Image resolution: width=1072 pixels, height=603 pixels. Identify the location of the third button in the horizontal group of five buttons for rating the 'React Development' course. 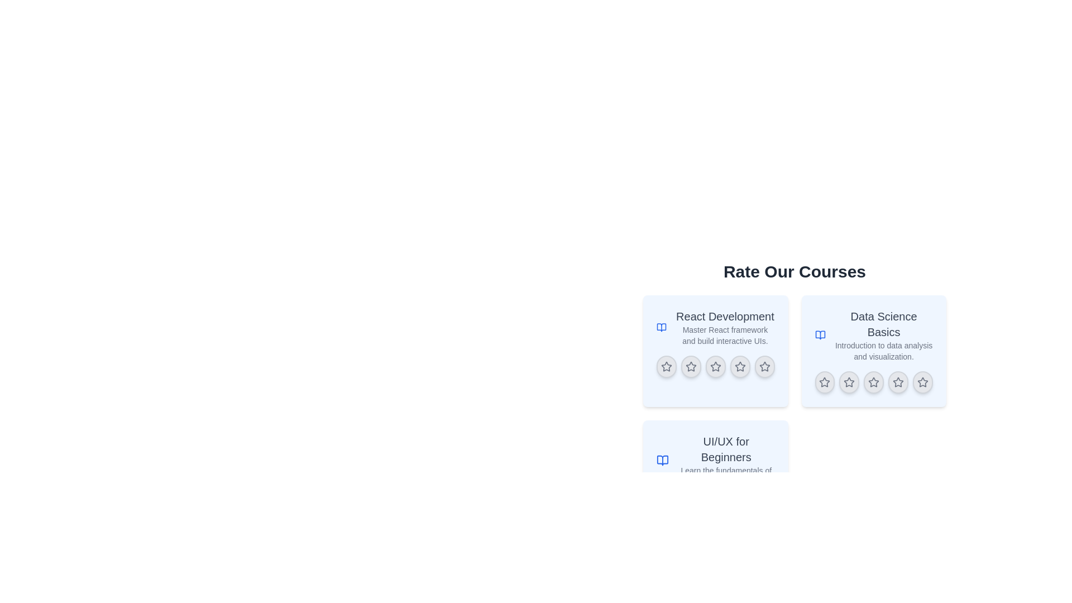
(715, 366).